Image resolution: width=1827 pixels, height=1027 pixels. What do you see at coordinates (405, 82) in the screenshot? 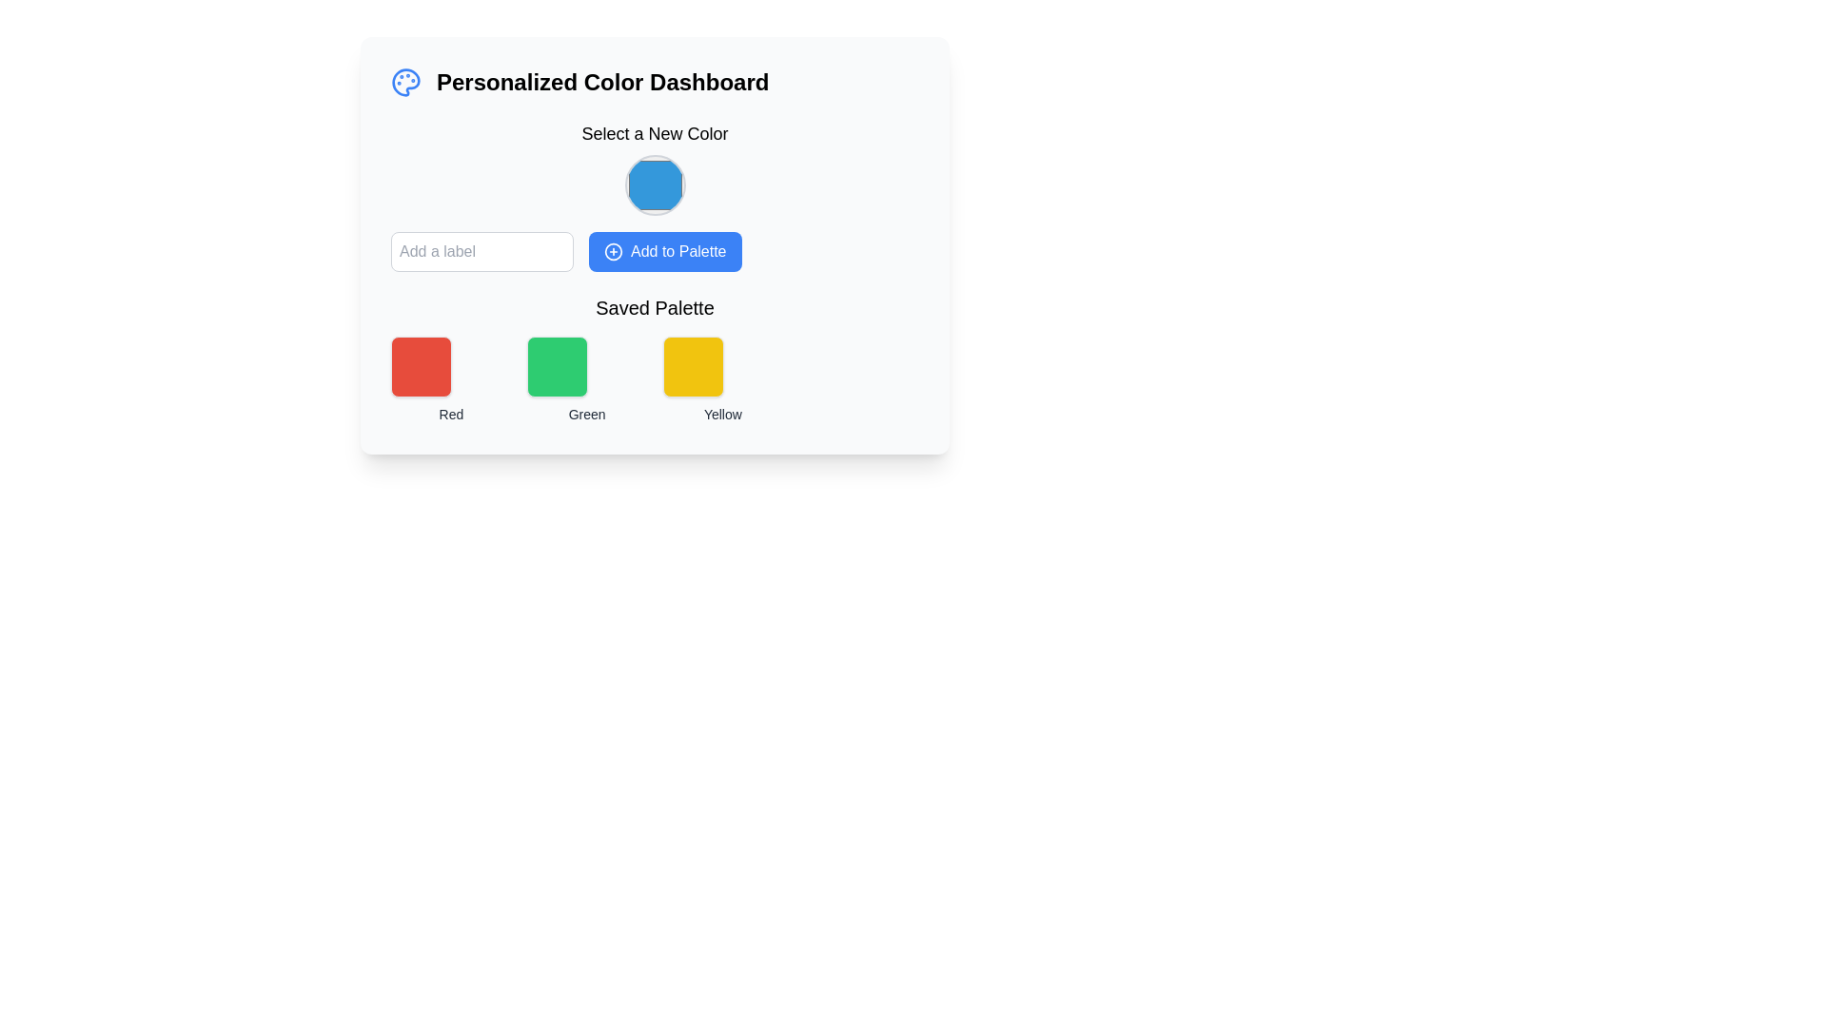
I see `the decorative graphic logo resembling a circular palette with distinct color markers located in the top-left corner of the interface, adjacent to the title 'Personalized Color Dashboard'` at bounding box center [405, 82].